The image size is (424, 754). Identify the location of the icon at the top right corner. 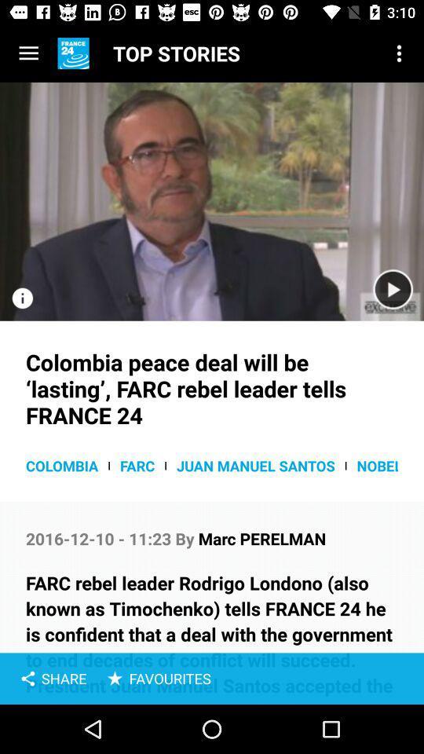
(399, 53).